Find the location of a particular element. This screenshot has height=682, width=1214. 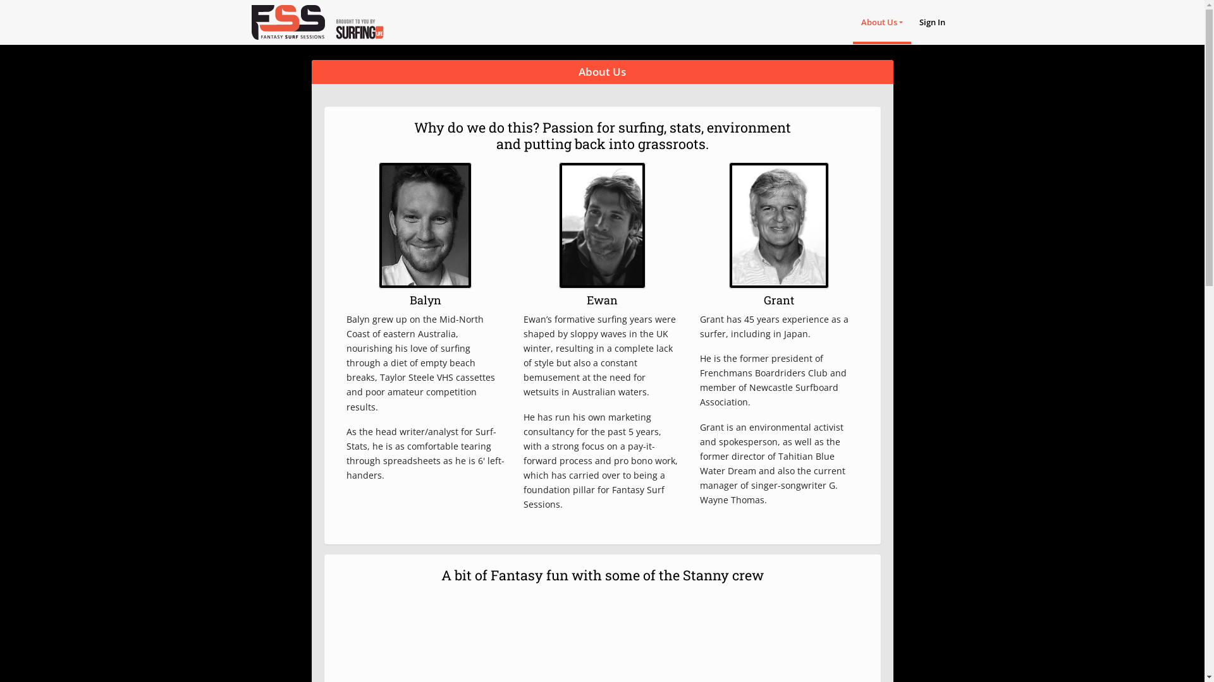

'Sign In' is located at coordinates (932, 21).